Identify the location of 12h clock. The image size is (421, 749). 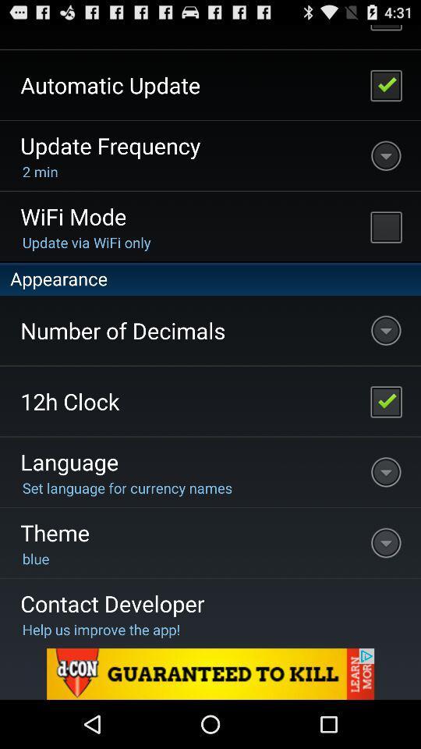
(385, 400).